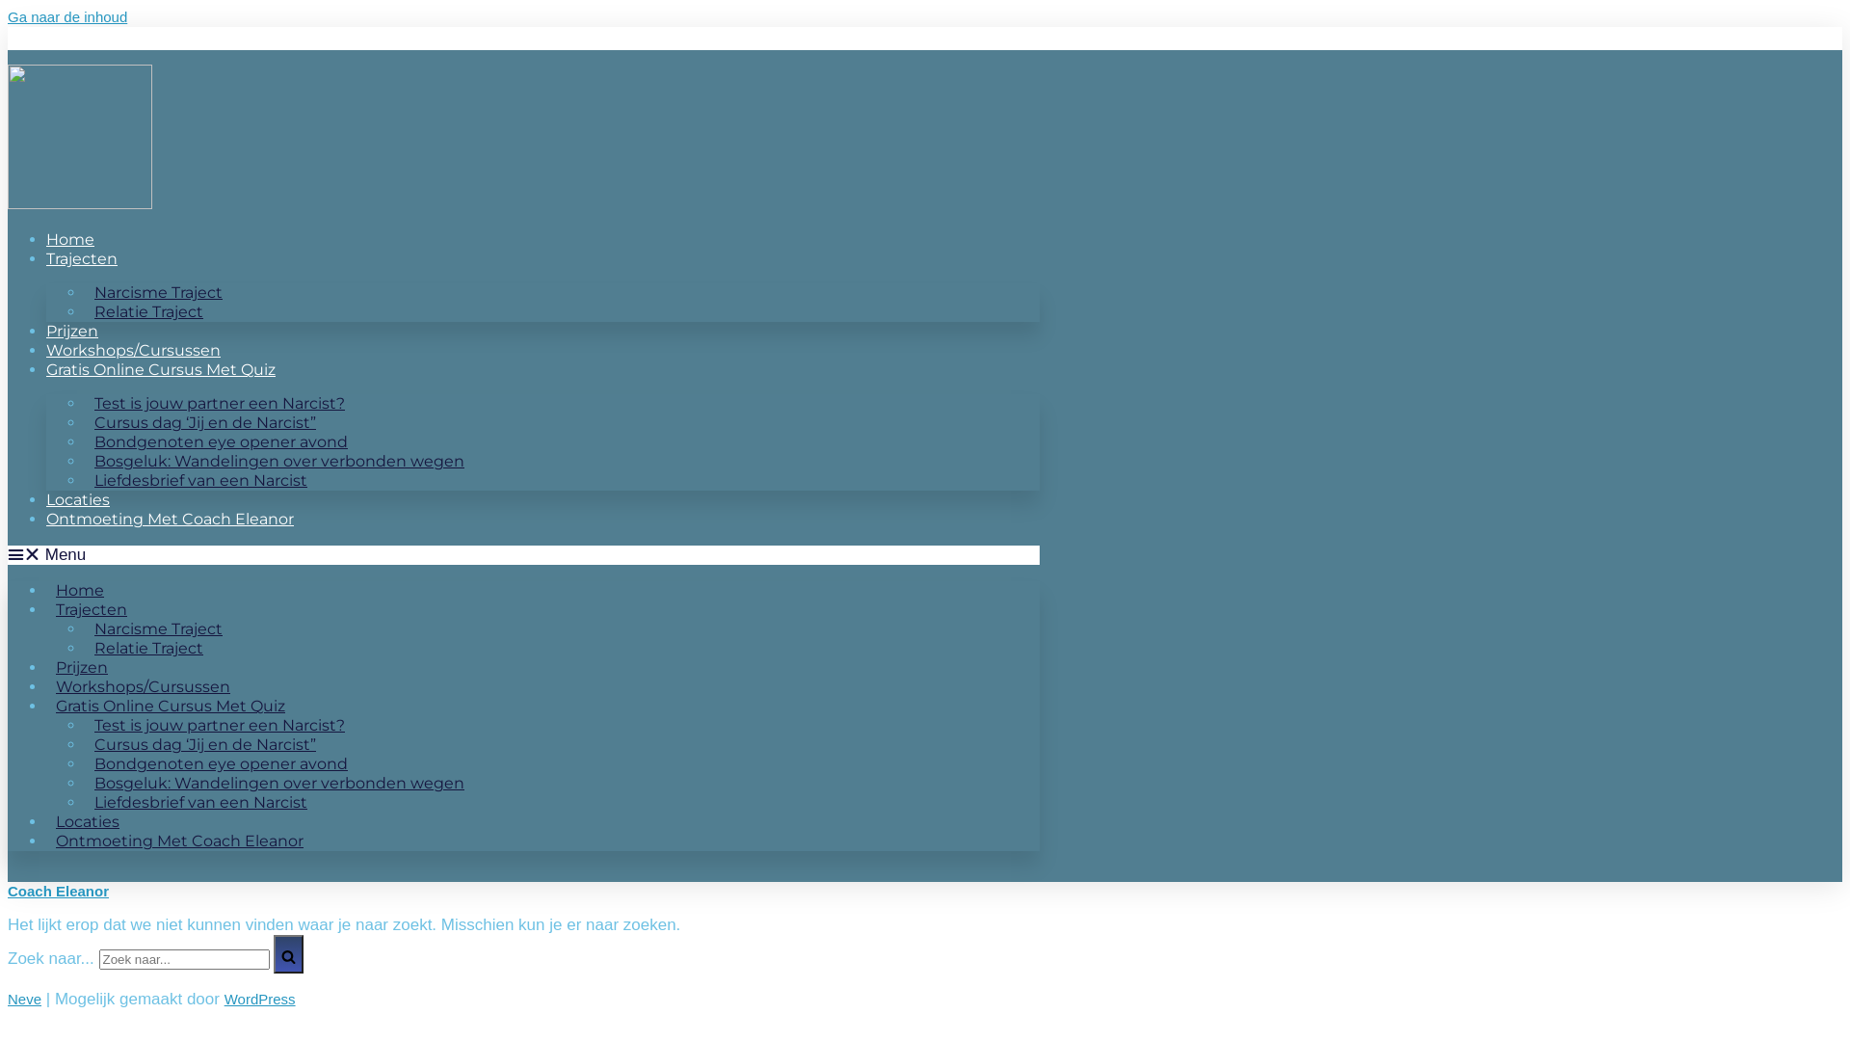  Describe the element at coordinates (67, 16) in the screenshot. I see `'Ga naar de inhoud'` at that location.